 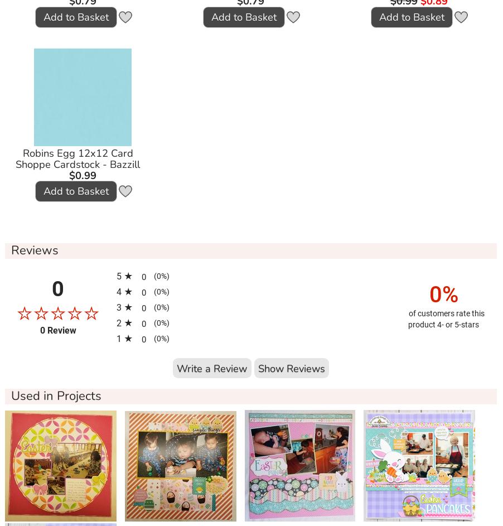 I want to click on '5', so click(x=119, y=275).